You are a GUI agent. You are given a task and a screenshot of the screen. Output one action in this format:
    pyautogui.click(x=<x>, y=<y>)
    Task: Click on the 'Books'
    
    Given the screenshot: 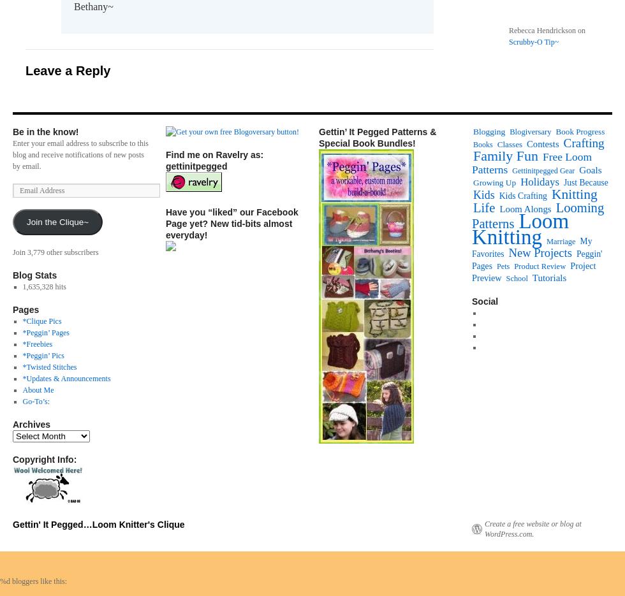 What is the action you would take?
    pyautogui.click(x=482, y=143)
    